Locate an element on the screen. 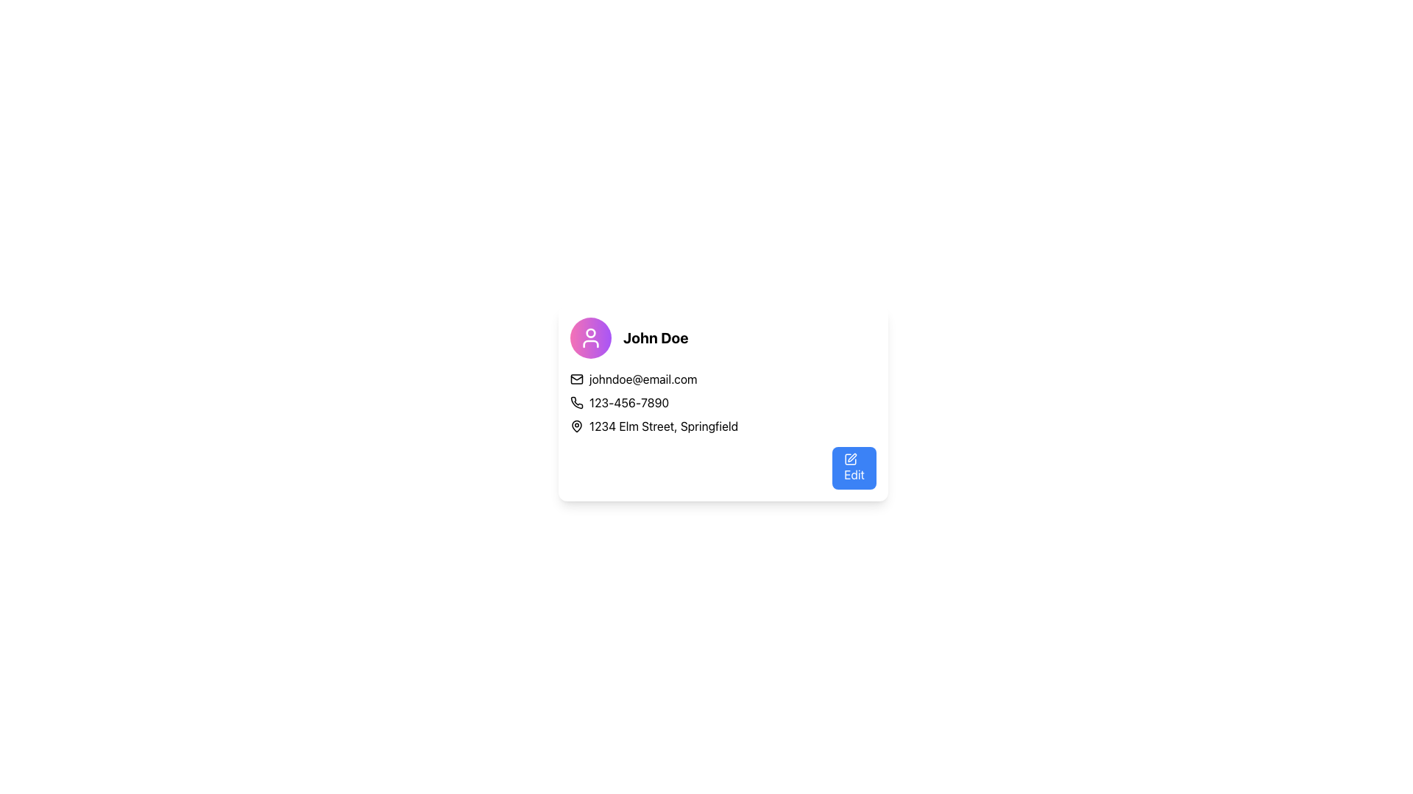 Image resolution: width=1413 pixels, height=794 pixels. the edit icon located on the left side of the blue 'Edit' button at the bottom-right corner of the user information card is located at coordinates (851, 458).